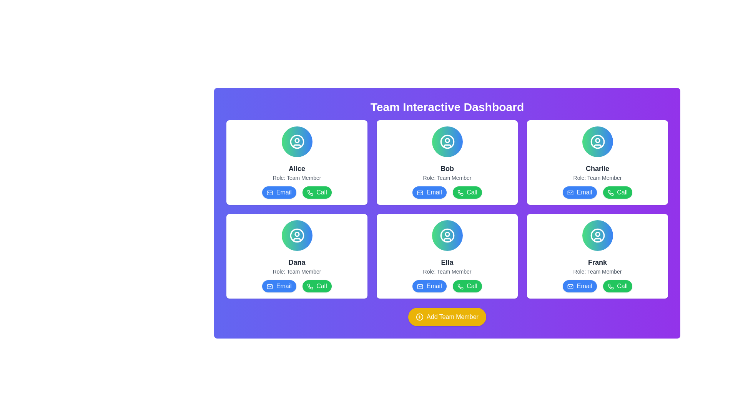 The width and height of the screenshot is (738, 415). I want to click on the text label indicating the role of the profile owner for 'Charlie', which is centrally placed in the profile card above the 'Email' and 'Call' buttons, so click(597, 178).